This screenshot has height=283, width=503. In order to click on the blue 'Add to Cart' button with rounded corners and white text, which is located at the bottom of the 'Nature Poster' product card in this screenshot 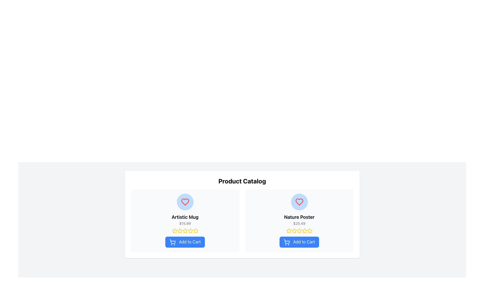, I will do `click(299, 242)`.